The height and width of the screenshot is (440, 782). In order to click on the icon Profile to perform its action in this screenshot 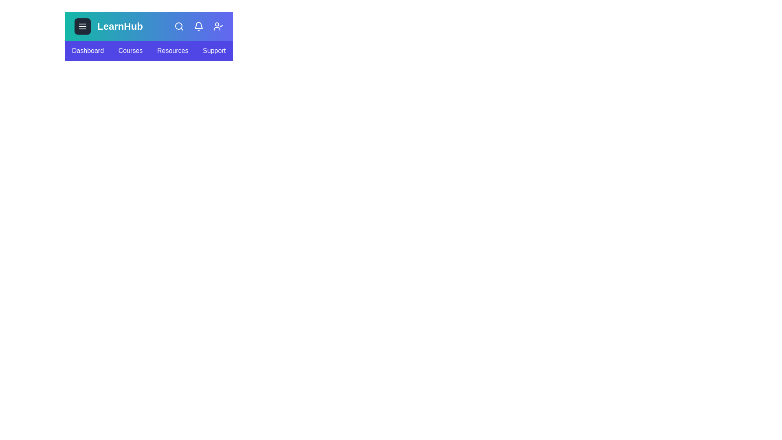, I will do `click(218, 26)`.